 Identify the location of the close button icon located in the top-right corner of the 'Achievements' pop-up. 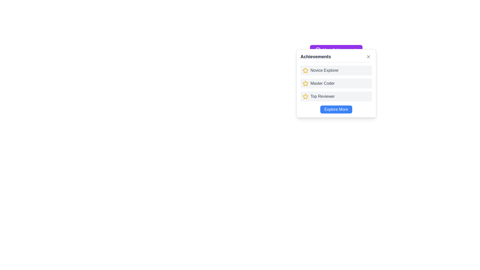
(368, 56).